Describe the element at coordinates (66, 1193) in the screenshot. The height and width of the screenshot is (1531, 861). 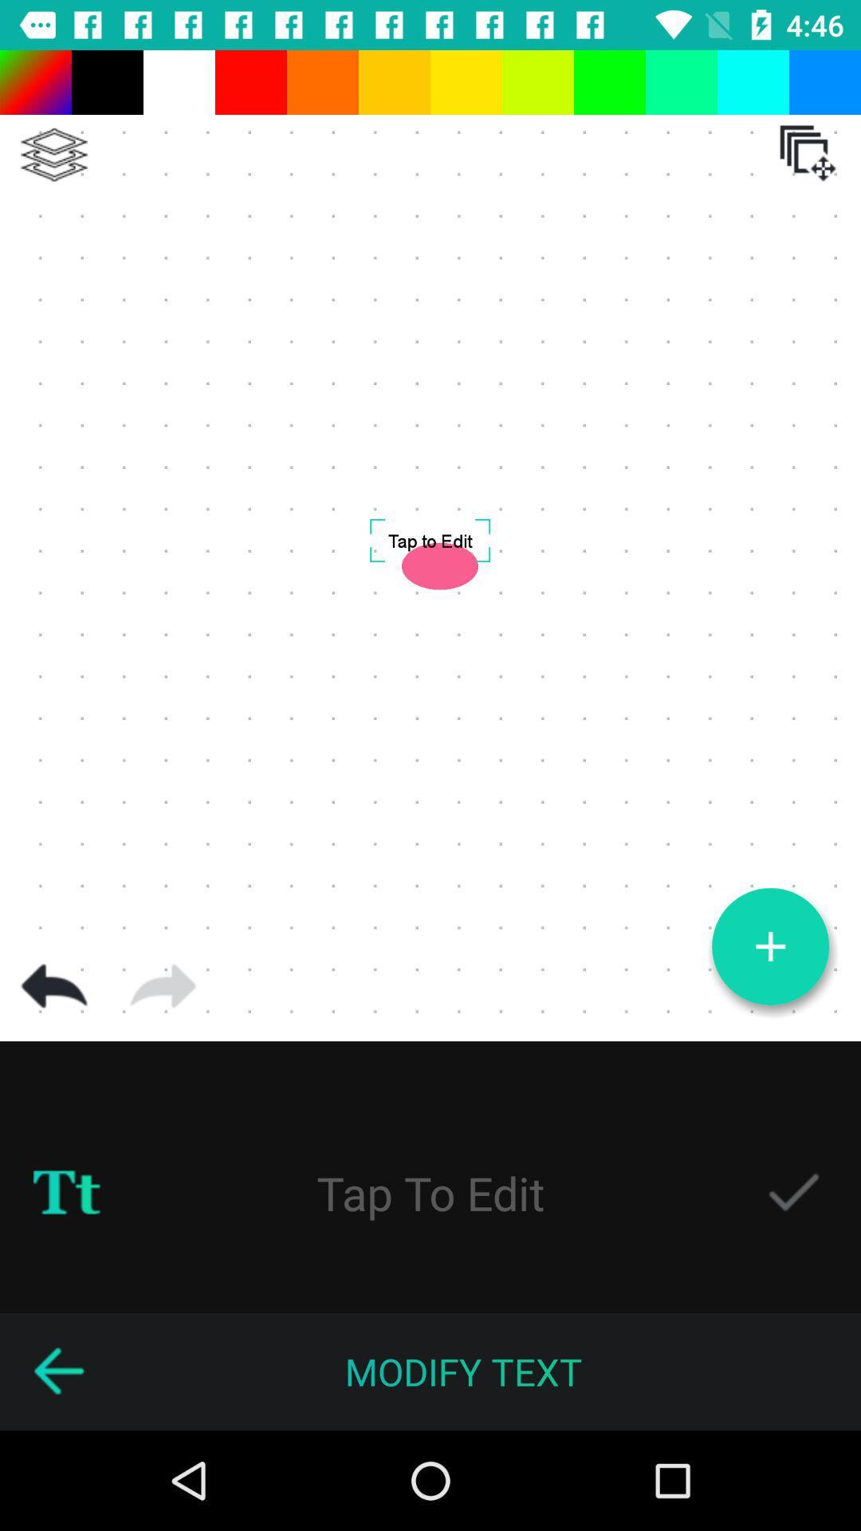
I see `the font icon` at that location.